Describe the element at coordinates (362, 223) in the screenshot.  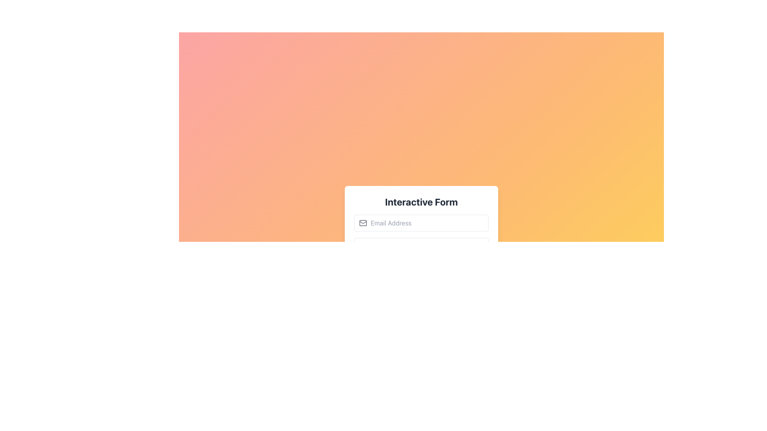
I see `the mail icon, which is a rectangular shape with rounded corners, resembling an envelope, located to the left of the 'Email Address' input field` at that location.